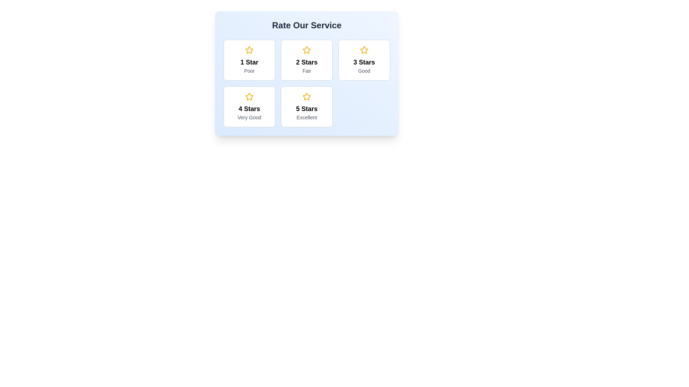 The height and width of the screenshot is (387, 689). What do you see at coordinates (306, 49) in the screenshot?
I see `the second star icon in the rating options` at bounding box center [306, 49].